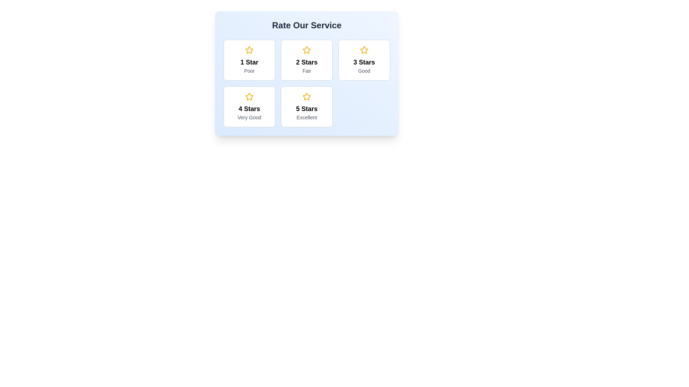 The height and width of the screenshot is (387, 689). What do you see at coordinates (306, 49) in the screenshot?
I see `the second star icon in the rating options` at bounding box center [306, 49].